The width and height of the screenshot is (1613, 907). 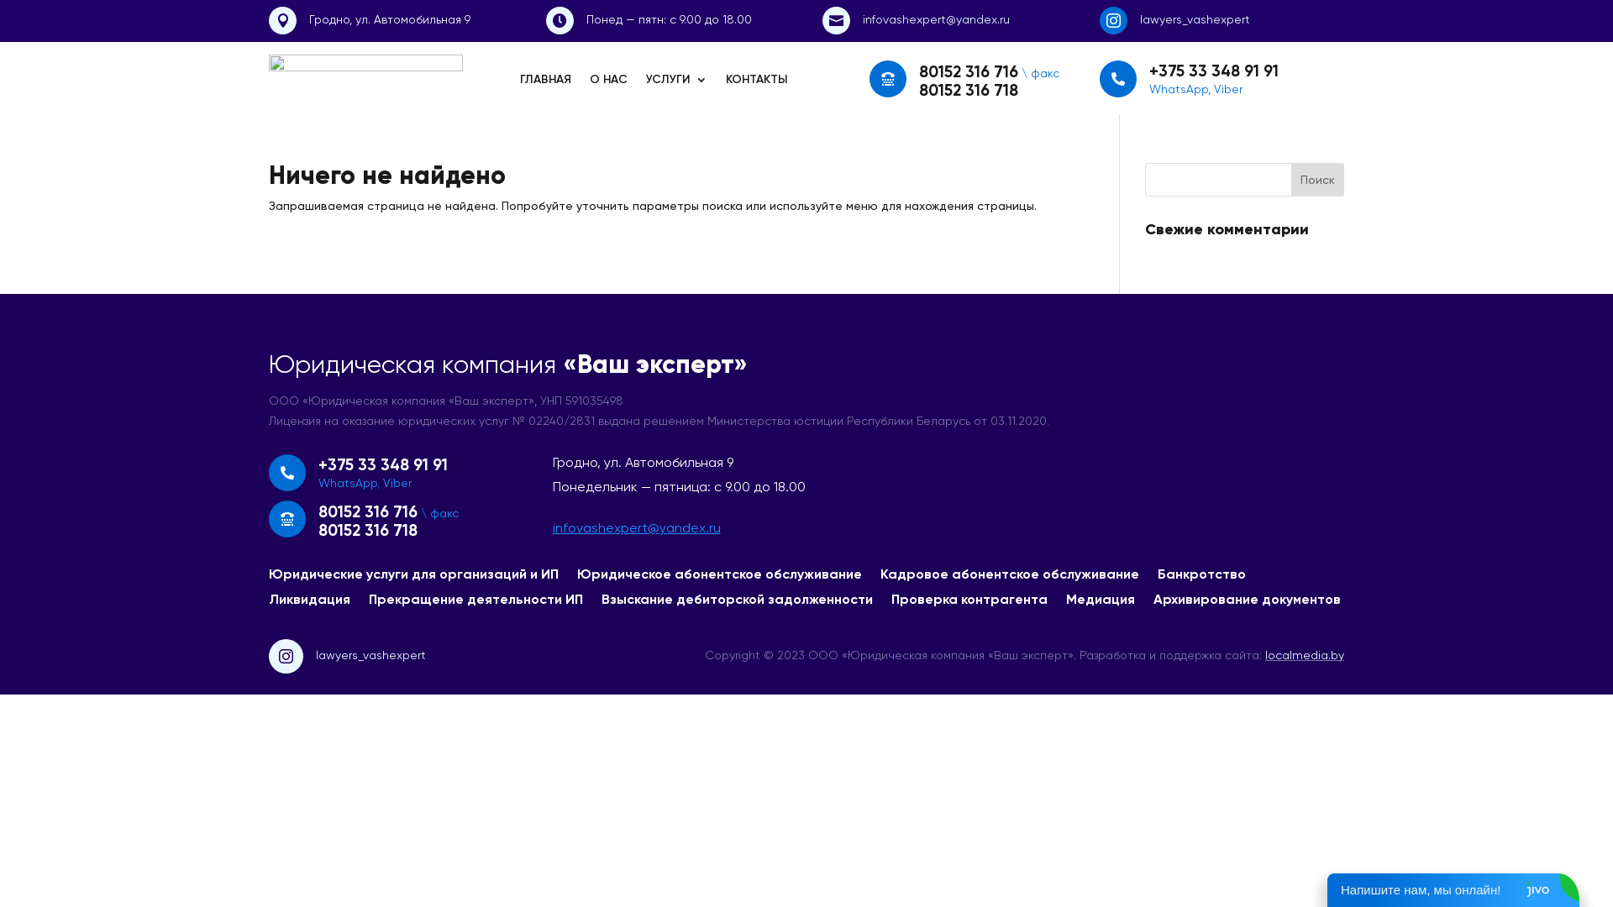 I want to click on '+375 33 348 91 91', so click(x=1213, y=70).